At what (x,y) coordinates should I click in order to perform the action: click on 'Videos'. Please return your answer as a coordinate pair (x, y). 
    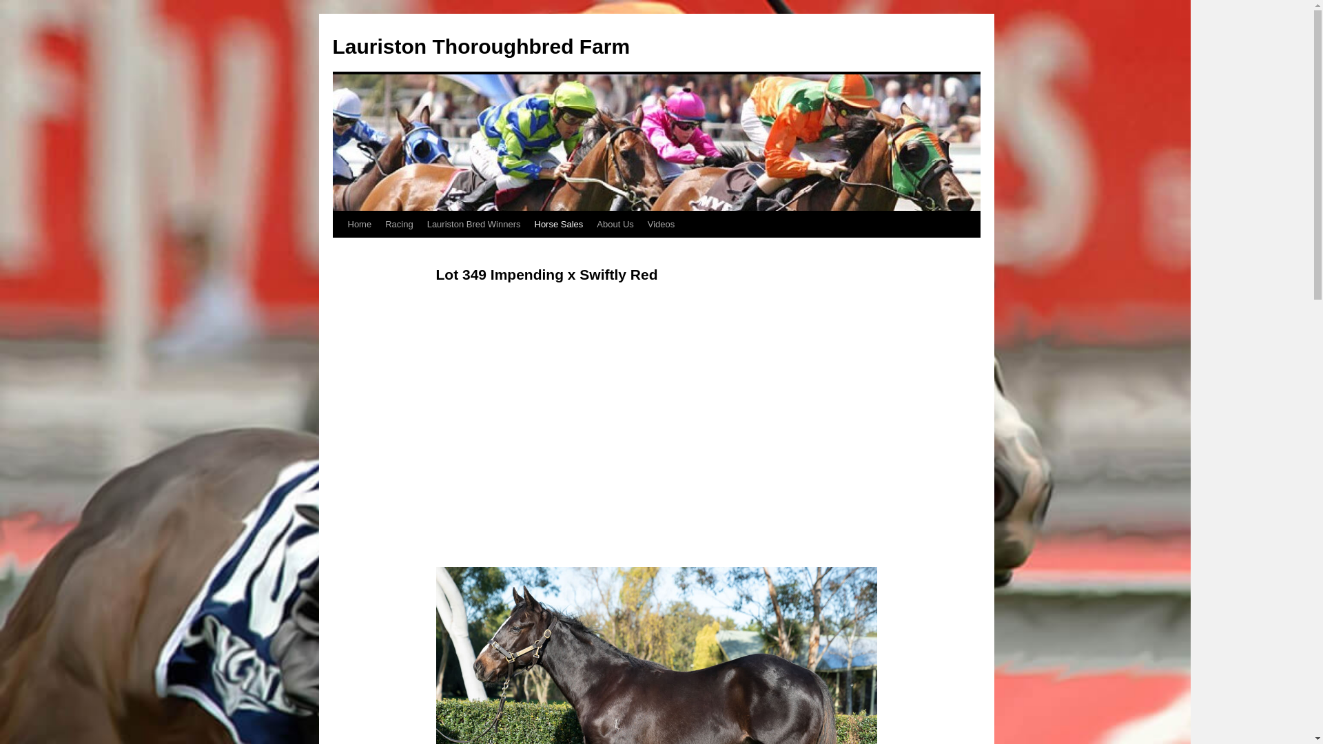
    Looking at the image, I should click on (661, 224).